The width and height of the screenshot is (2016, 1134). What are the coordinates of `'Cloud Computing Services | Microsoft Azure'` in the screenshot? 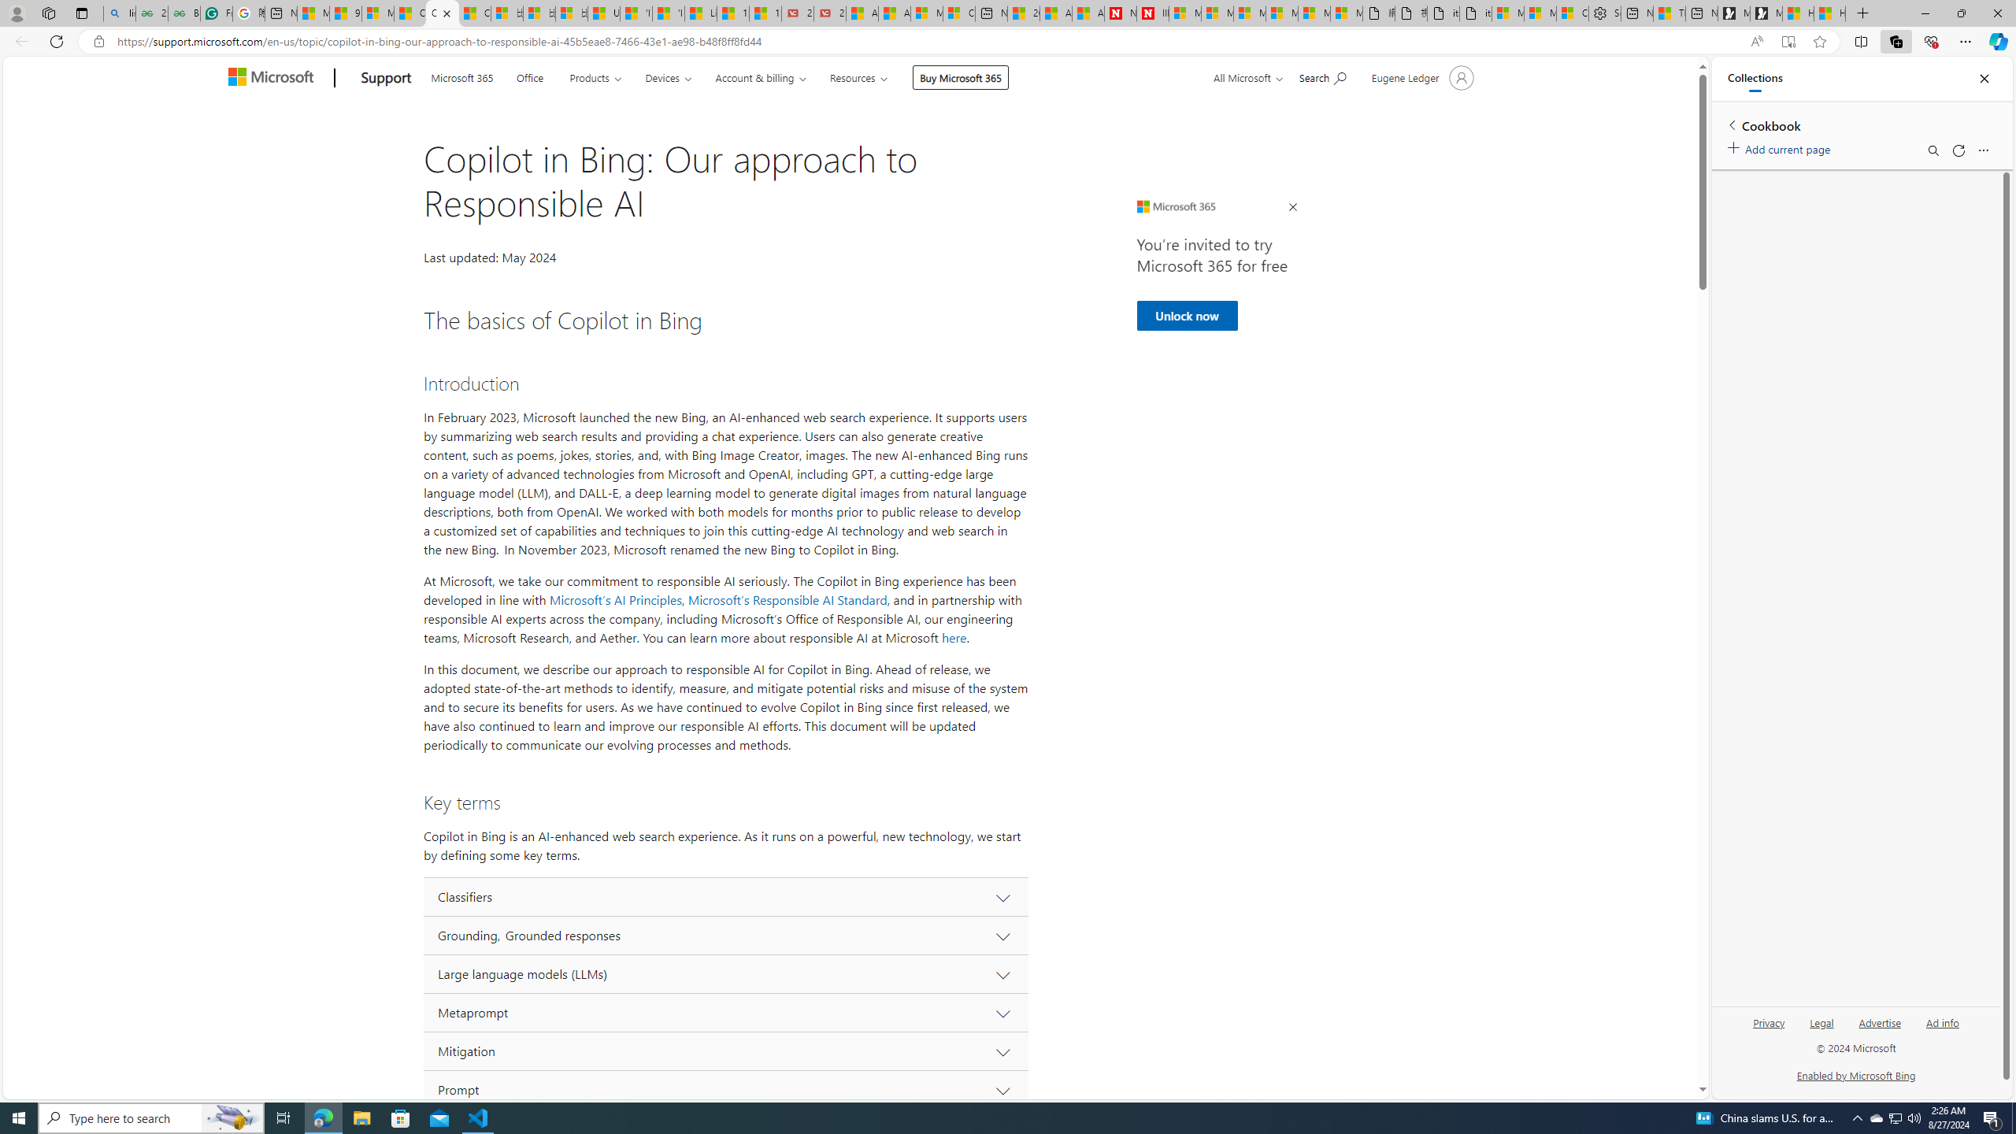 It's located at (958, 13).